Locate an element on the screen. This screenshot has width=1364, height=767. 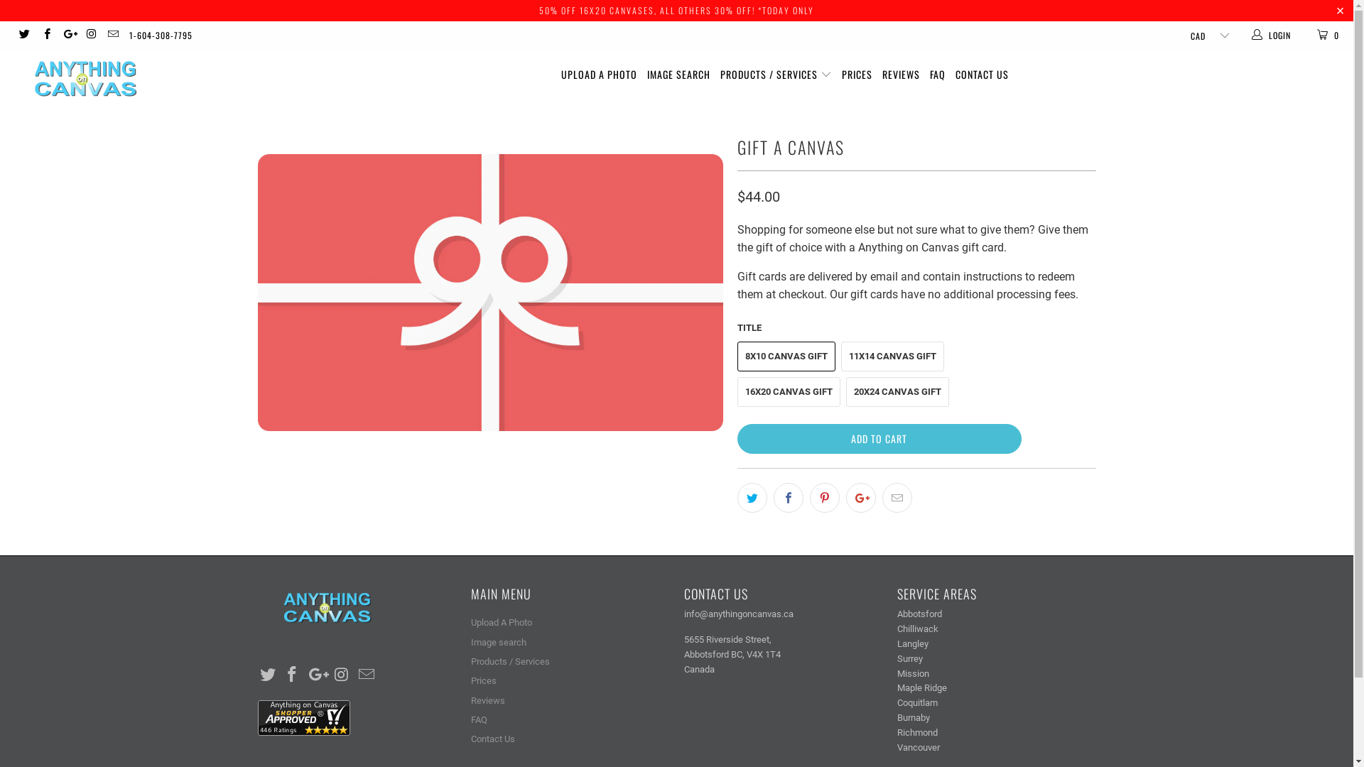
'PRODUCTS / SERVICES' is located at coordinates (775, 75).